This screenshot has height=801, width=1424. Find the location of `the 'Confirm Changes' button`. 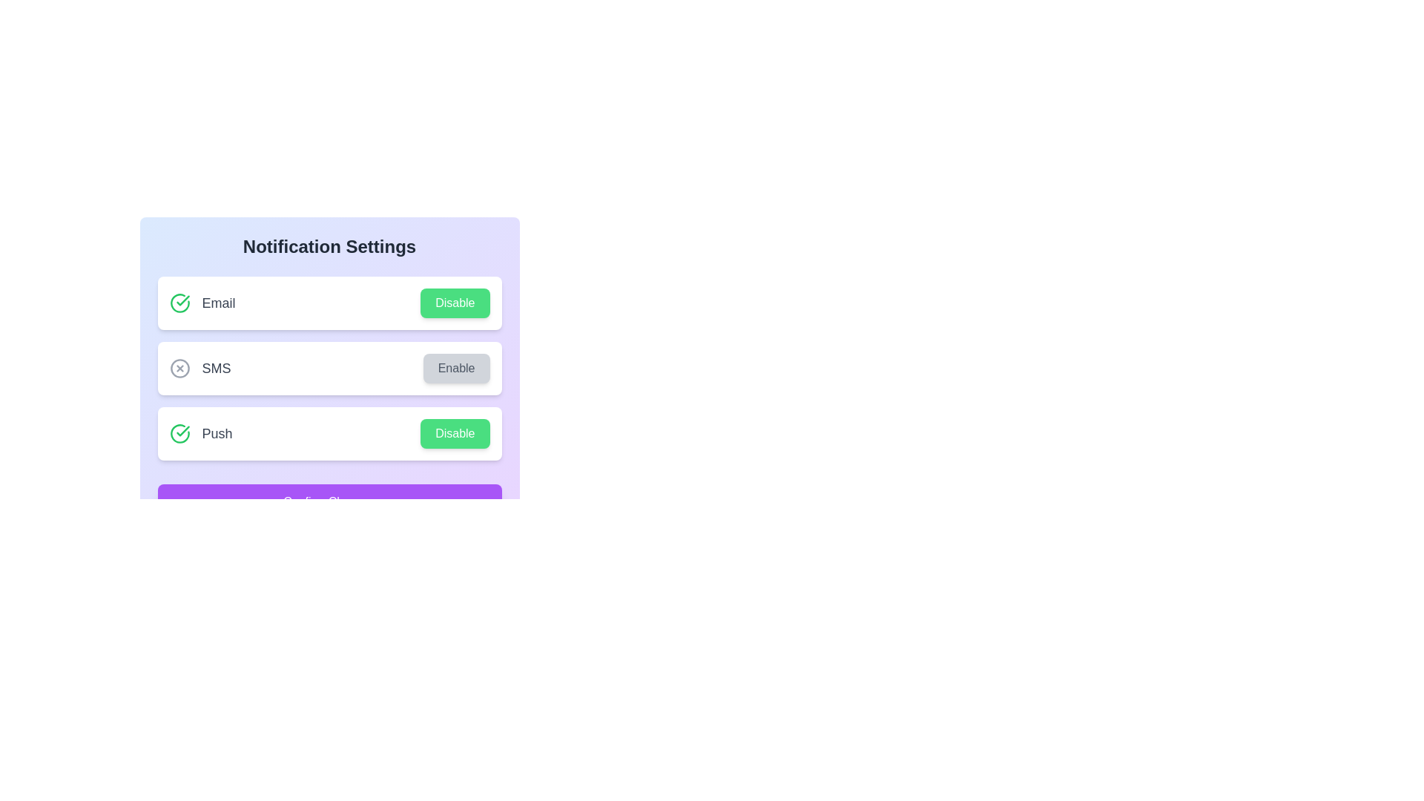

the 'Confirm Changes' button is located at coordinates (329, 501).